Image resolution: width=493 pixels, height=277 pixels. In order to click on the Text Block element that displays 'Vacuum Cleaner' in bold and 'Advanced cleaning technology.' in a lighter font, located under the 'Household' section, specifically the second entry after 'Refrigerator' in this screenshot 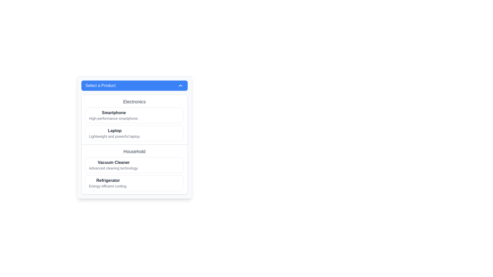, I will do `click(113, 165)`.